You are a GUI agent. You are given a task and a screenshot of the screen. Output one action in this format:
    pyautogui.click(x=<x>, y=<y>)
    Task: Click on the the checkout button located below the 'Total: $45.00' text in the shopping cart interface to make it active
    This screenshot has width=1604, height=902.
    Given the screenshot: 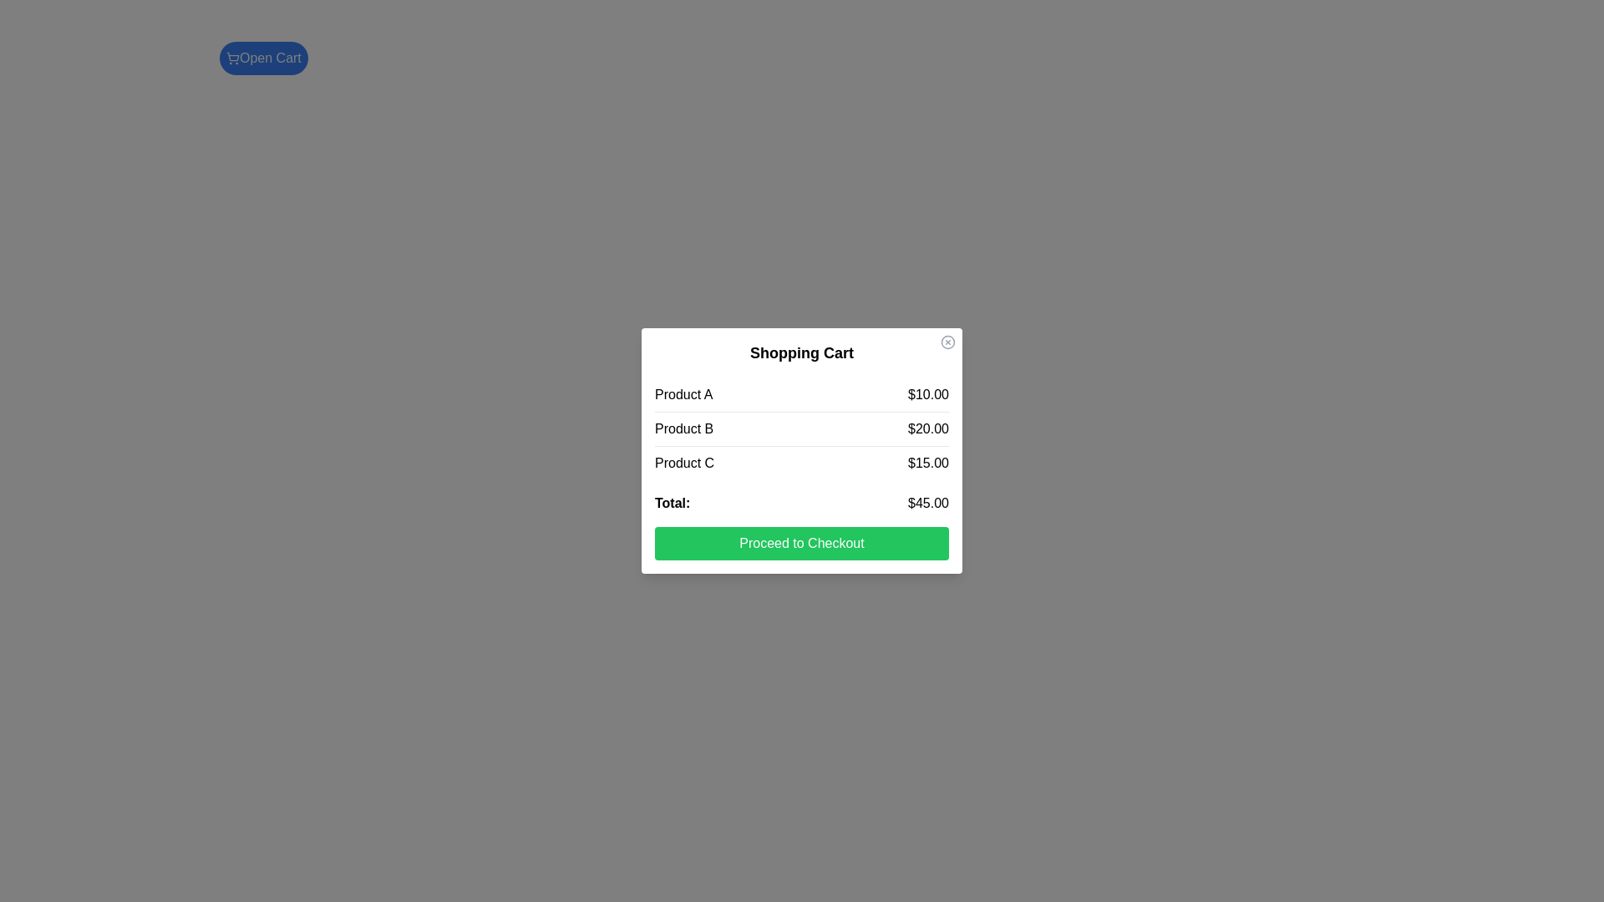 What is the action you would take?
    pyautogui.click(x=802, y=544)
    